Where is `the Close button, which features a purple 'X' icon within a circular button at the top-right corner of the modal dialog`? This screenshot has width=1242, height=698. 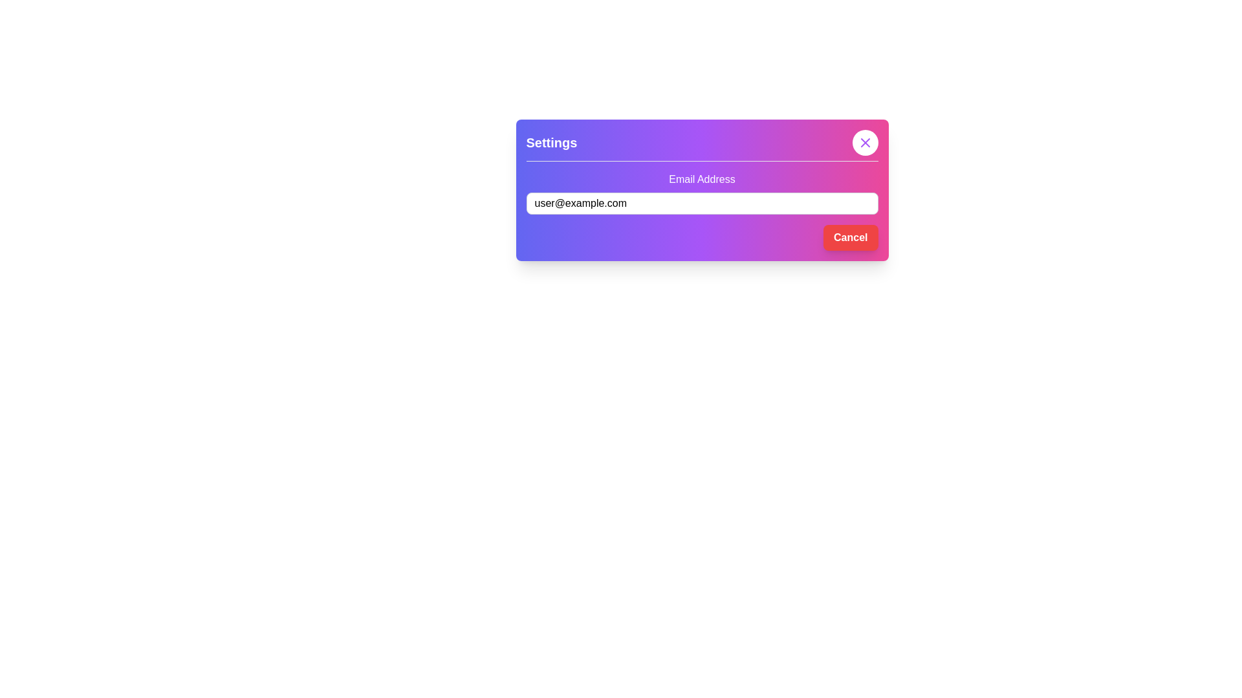 the Close button, which features a purple 'X' icon within a circular button at the top-right corner of the modal dialog is located at coordinates (865, 142).